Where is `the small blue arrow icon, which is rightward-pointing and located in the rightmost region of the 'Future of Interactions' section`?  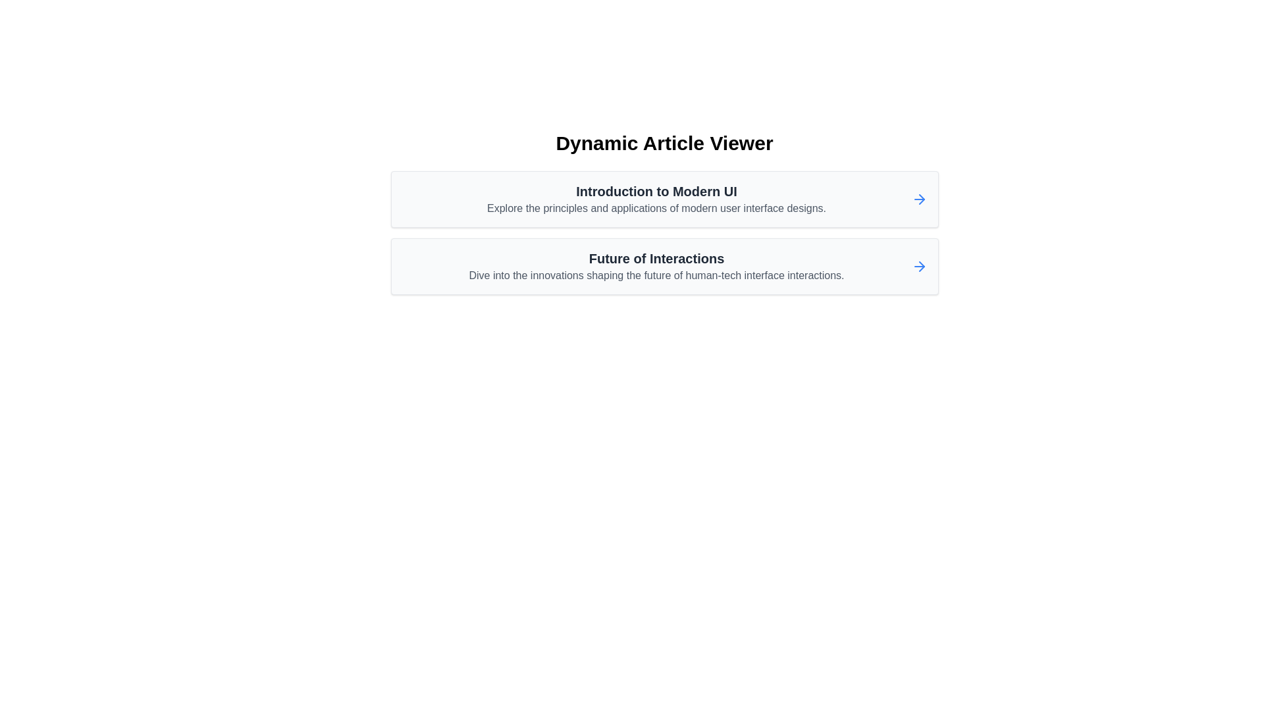 the small blue arrow icon, which is rightward-pointing and located in the rightmost region of the 'Future of Interactions' section is located at coordinates (918, 267).